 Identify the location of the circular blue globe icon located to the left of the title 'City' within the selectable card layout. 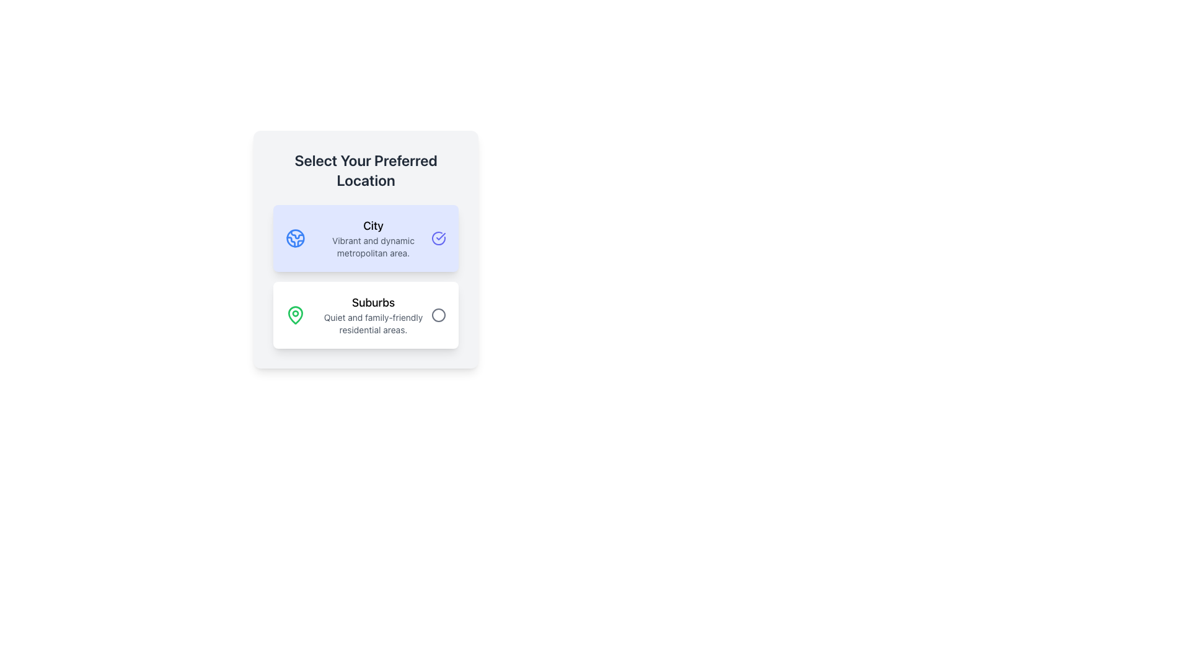
(294, 238).